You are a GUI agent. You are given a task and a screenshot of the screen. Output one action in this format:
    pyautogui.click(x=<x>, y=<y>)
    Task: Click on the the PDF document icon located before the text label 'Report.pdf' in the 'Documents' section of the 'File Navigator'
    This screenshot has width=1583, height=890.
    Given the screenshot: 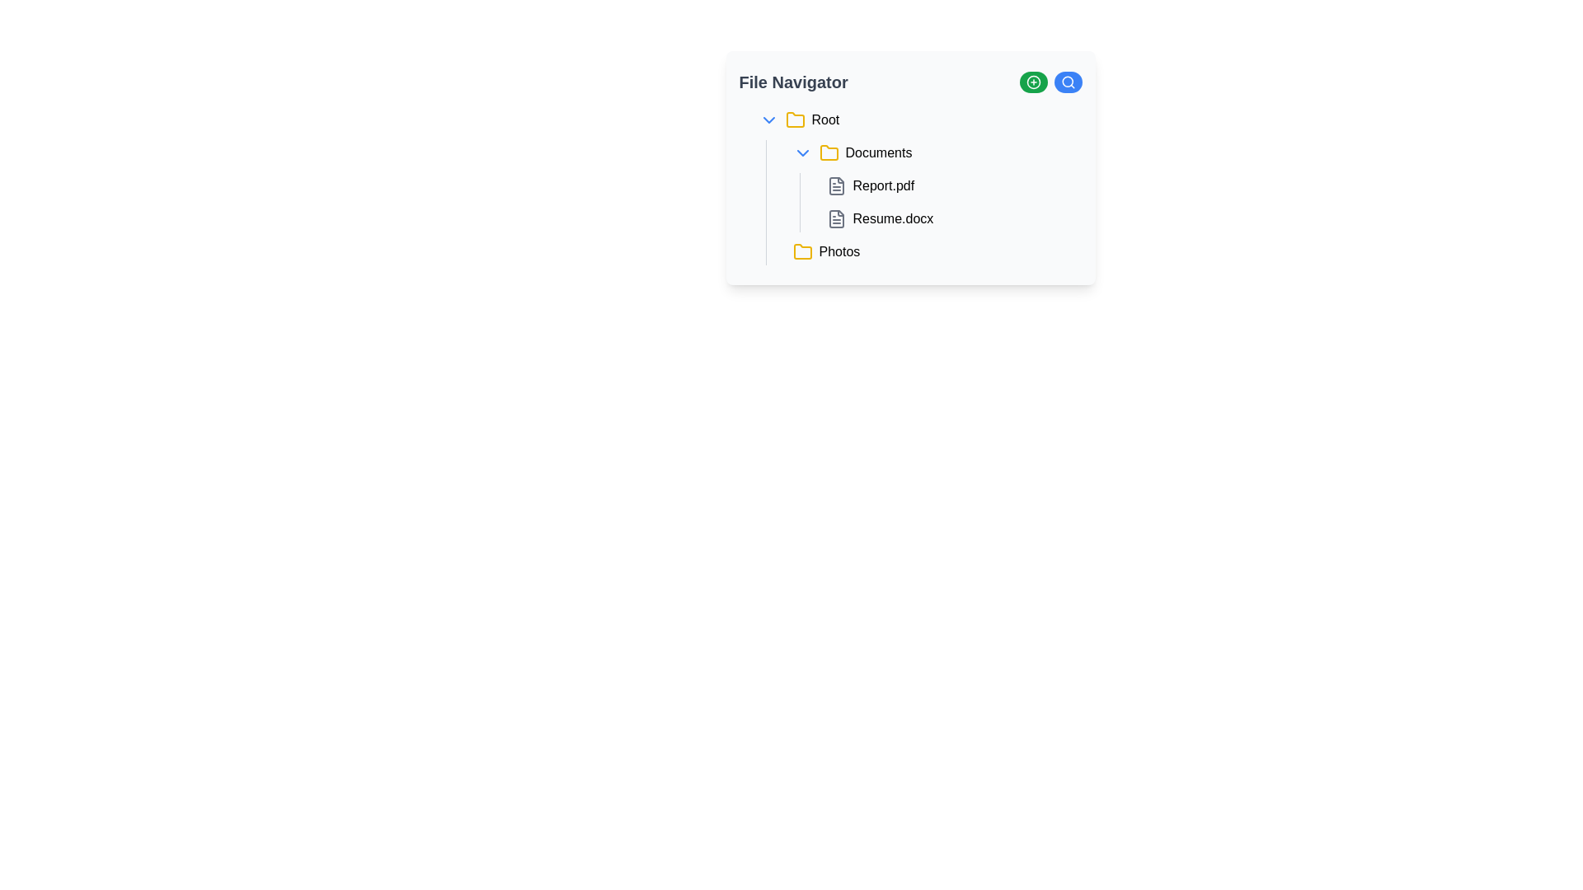 What is the action you would take?
    pyautogui.click(x=836, y=185)
    